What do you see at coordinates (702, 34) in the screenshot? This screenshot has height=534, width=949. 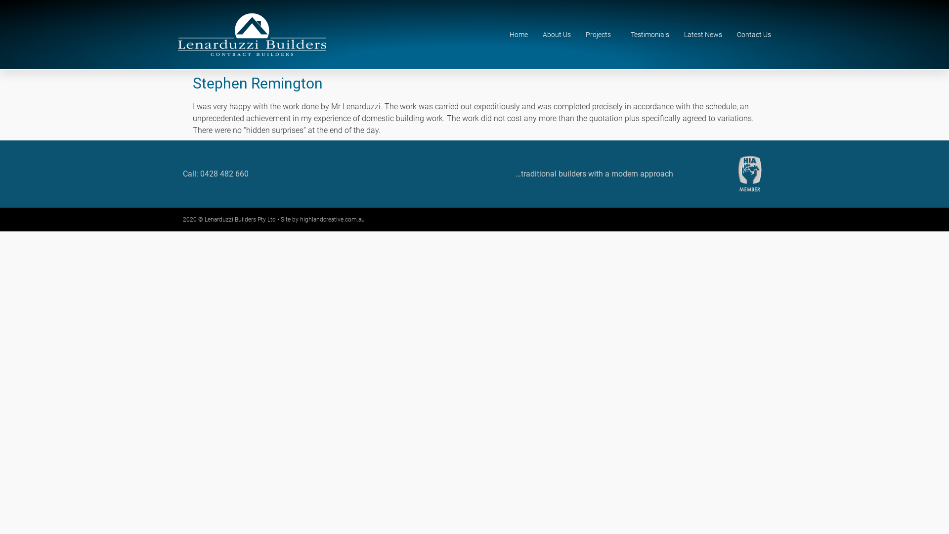 I see `'Latest News'` at bounding box center [702, 34].